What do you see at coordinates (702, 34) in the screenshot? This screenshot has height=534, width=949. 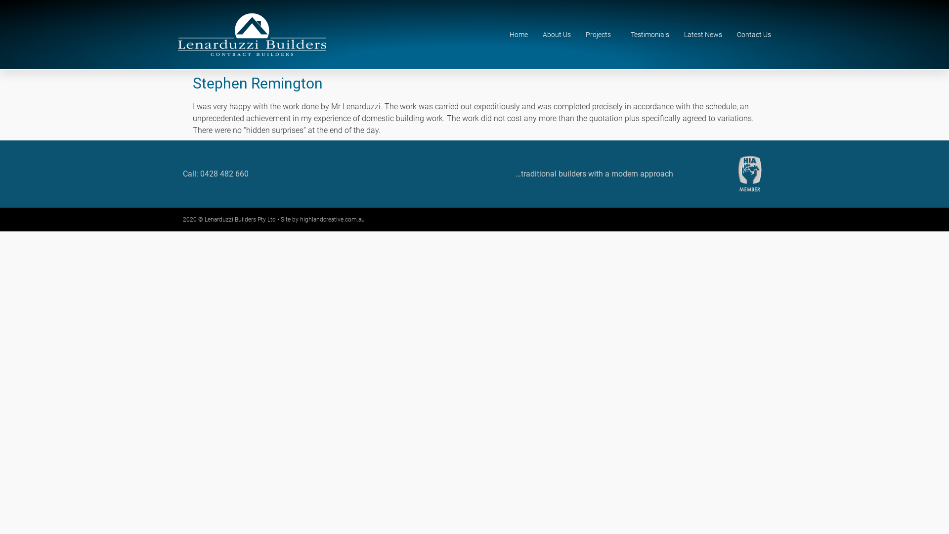 I see `'Latest News'` at bounding box center [702, 34].